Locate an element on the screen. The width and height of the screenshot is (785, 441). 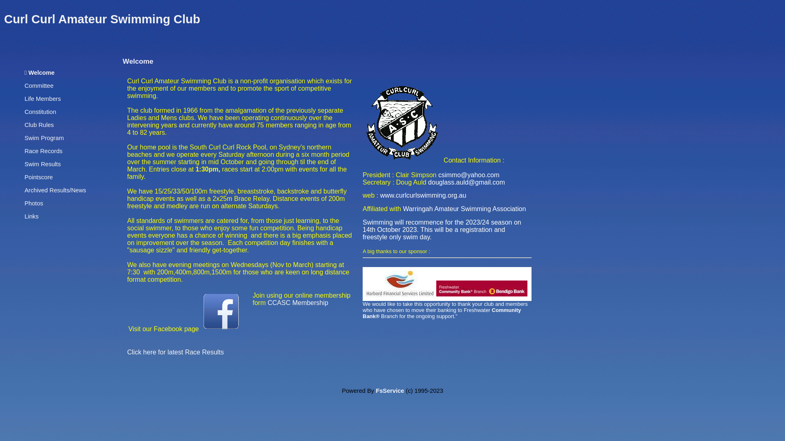
'Swim Results' is located at coordinates (42, 164).